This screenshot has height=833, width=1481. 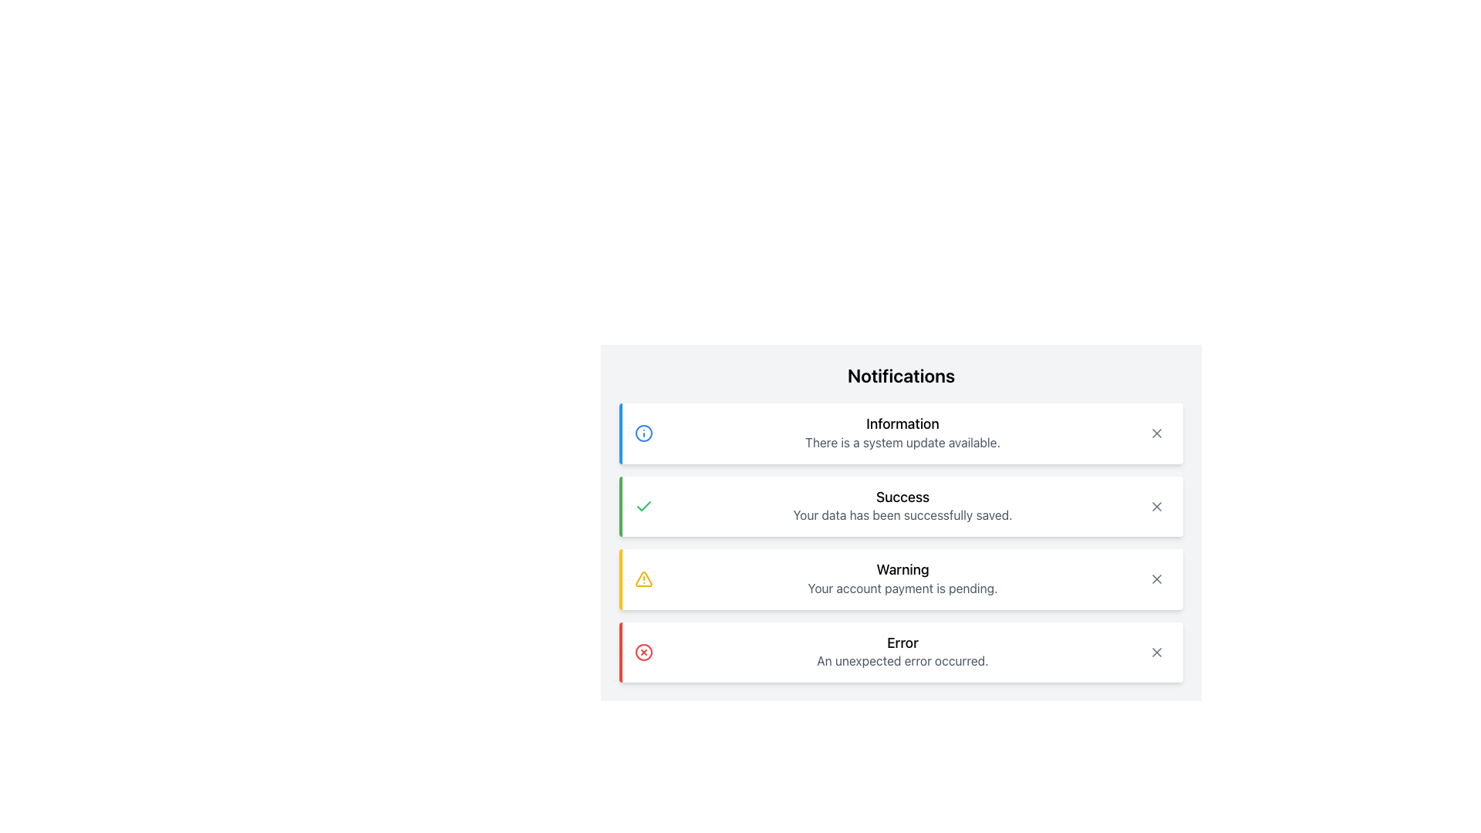 What do you see at coordinates (644, 433) in the screenshot?
I see `the informational icon located in the upper left part of the first notification card labeled 'Information'` at bounding box center [644, 433].